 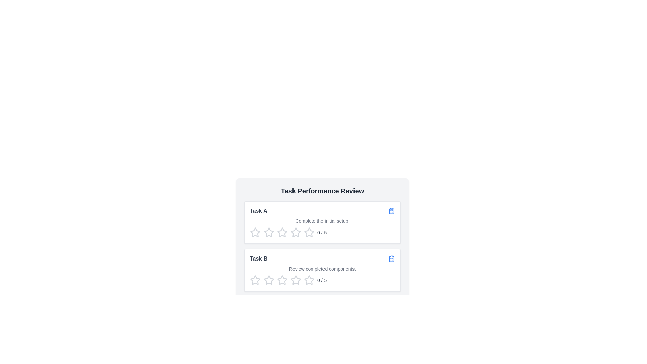 I want to click on the third star icon in the horizontal row of five stars in the 'Review completed components.' rating section under Task B, so click(x=268, y=280).